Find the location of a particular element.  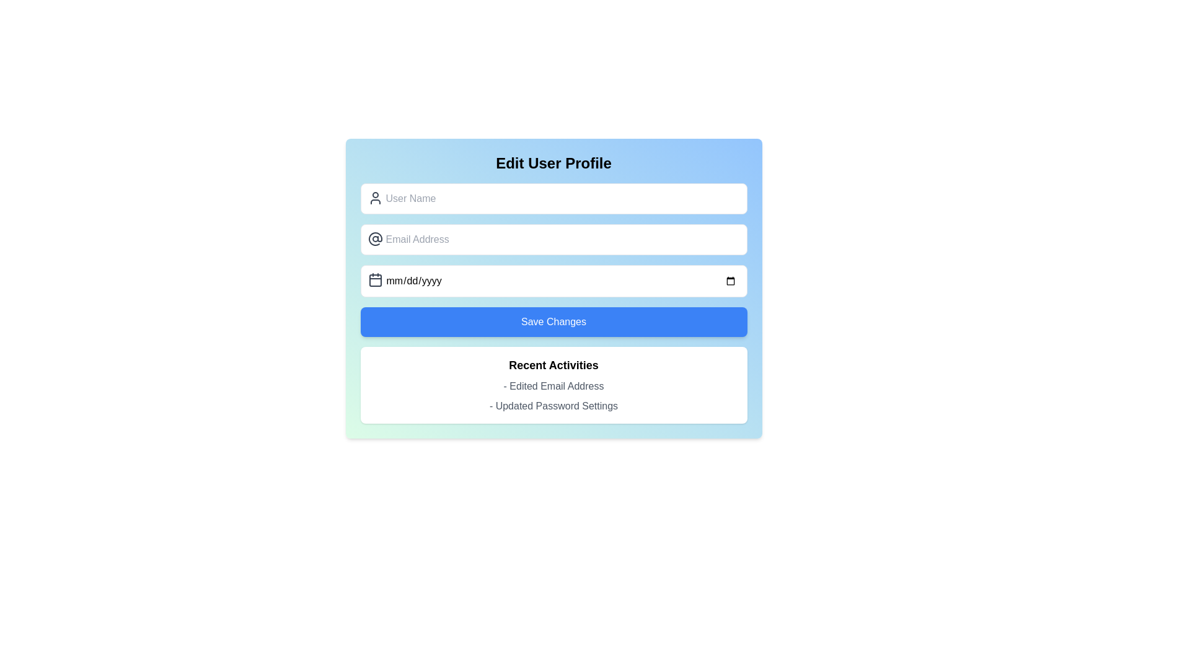

the icon that signifies the adjacent input field for entering a user's name, located at the leftmost part of the 'User Name' input field is located at coordinates (374, 198).